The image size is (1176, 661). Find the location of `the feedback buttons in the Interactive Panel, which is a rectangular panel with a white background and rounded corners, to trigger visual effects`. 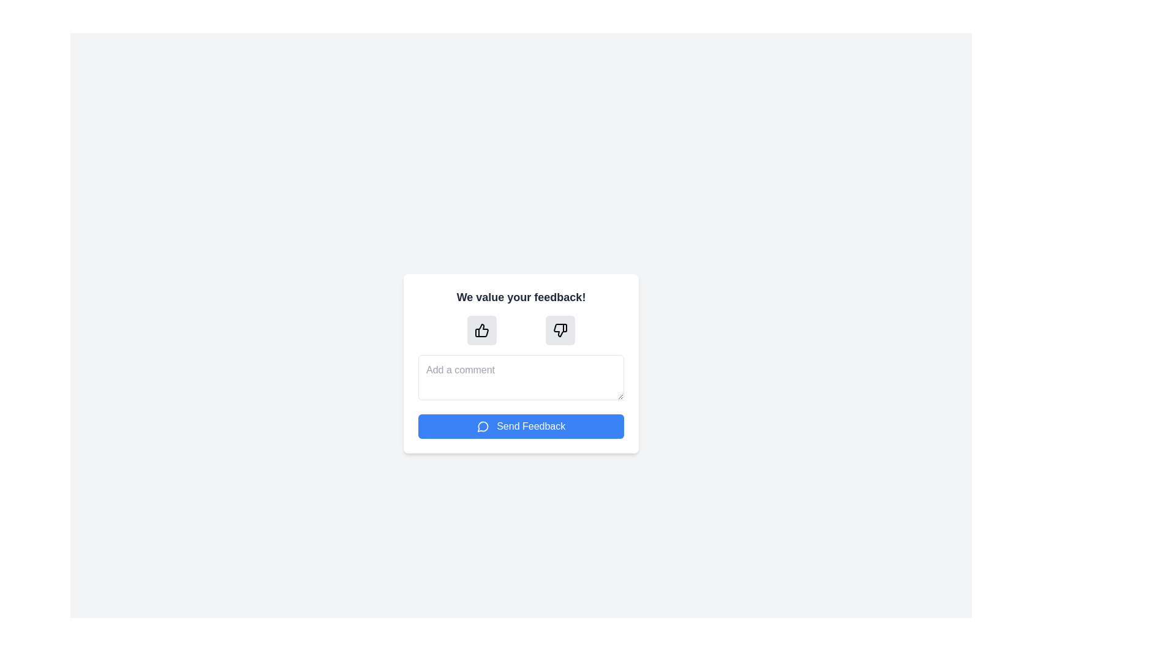

the feedback buttons in the Interactive Panel, which is a rectangular panel with a white background and rounded corners, to trigger visual effects is located at coordinates (521, 363).